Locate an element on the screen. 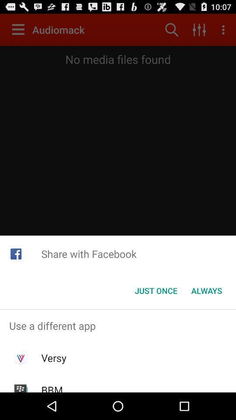  icon to the left of the always button is located at coordinates (156, 290).